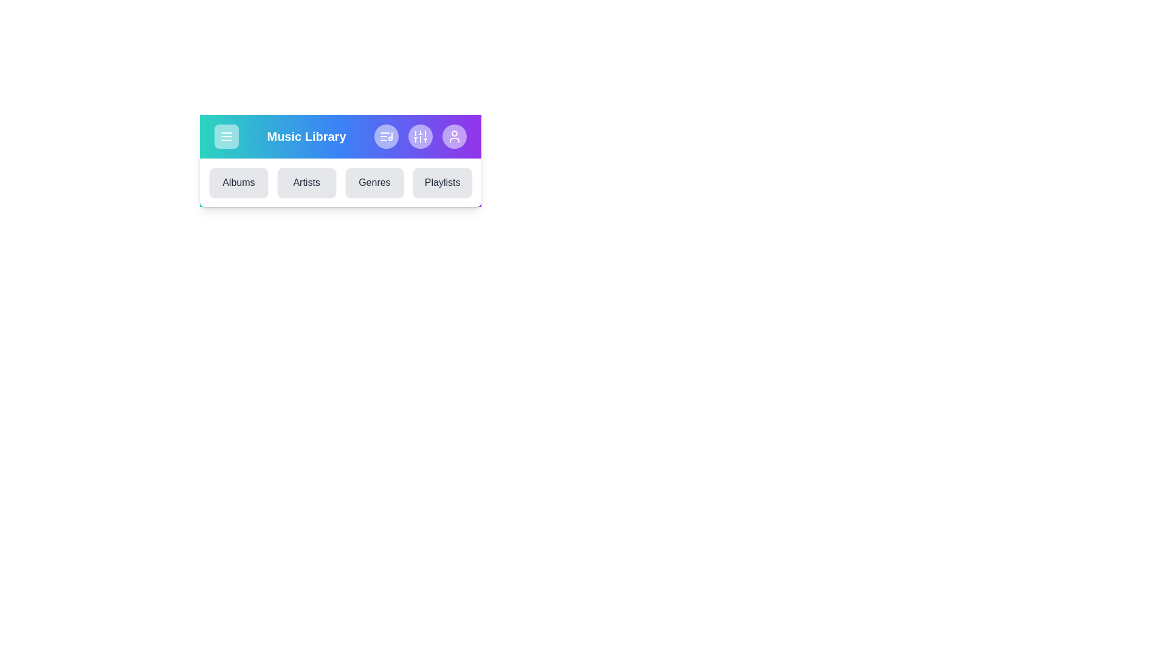  What do you see at coordinates (442, 182) in the screenshot?
I see `the section Playlists by clicking the respective button` at bounding box center [442, 182].